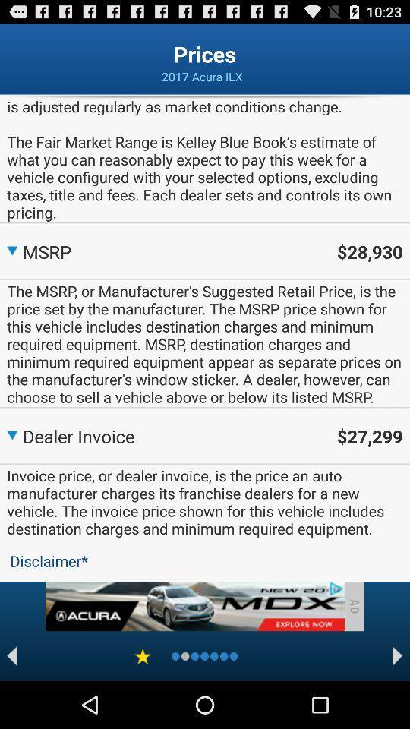  What do you see at coordinates (11, 249) in the screenshot?
I see `the left side first  down indication` at bounding box center [11, 249].